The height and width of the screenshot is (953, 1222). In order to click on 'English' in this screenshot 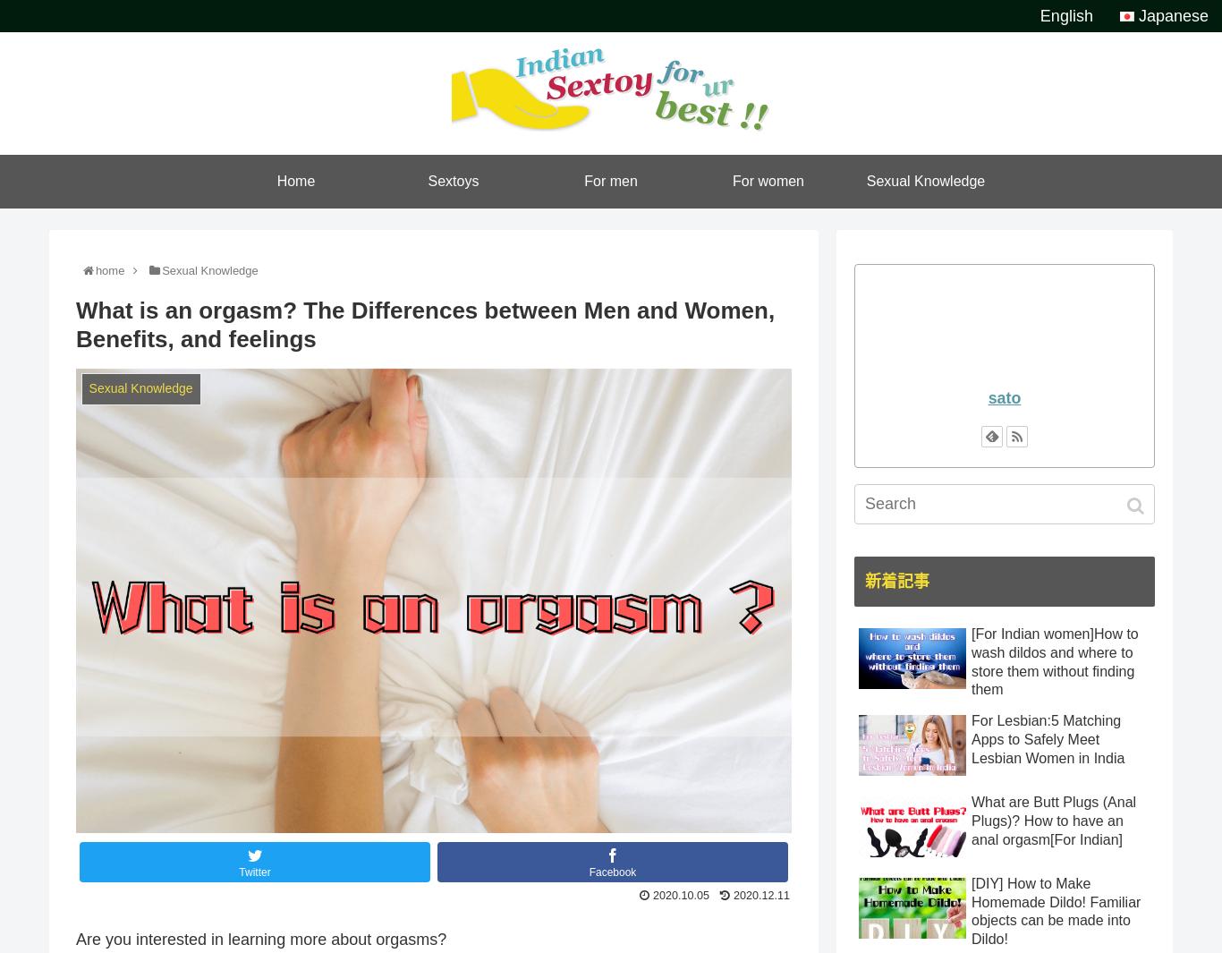, I will do `click(1065, 14)`.